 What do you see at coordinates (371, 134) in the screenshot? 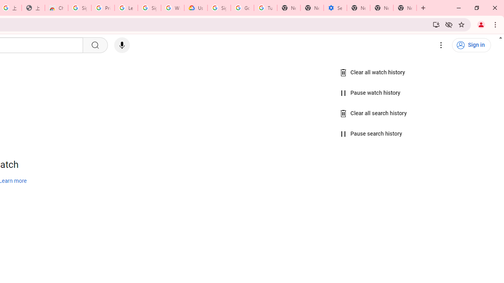
I see `'Pause search history'` at bounding box center [371, 134].